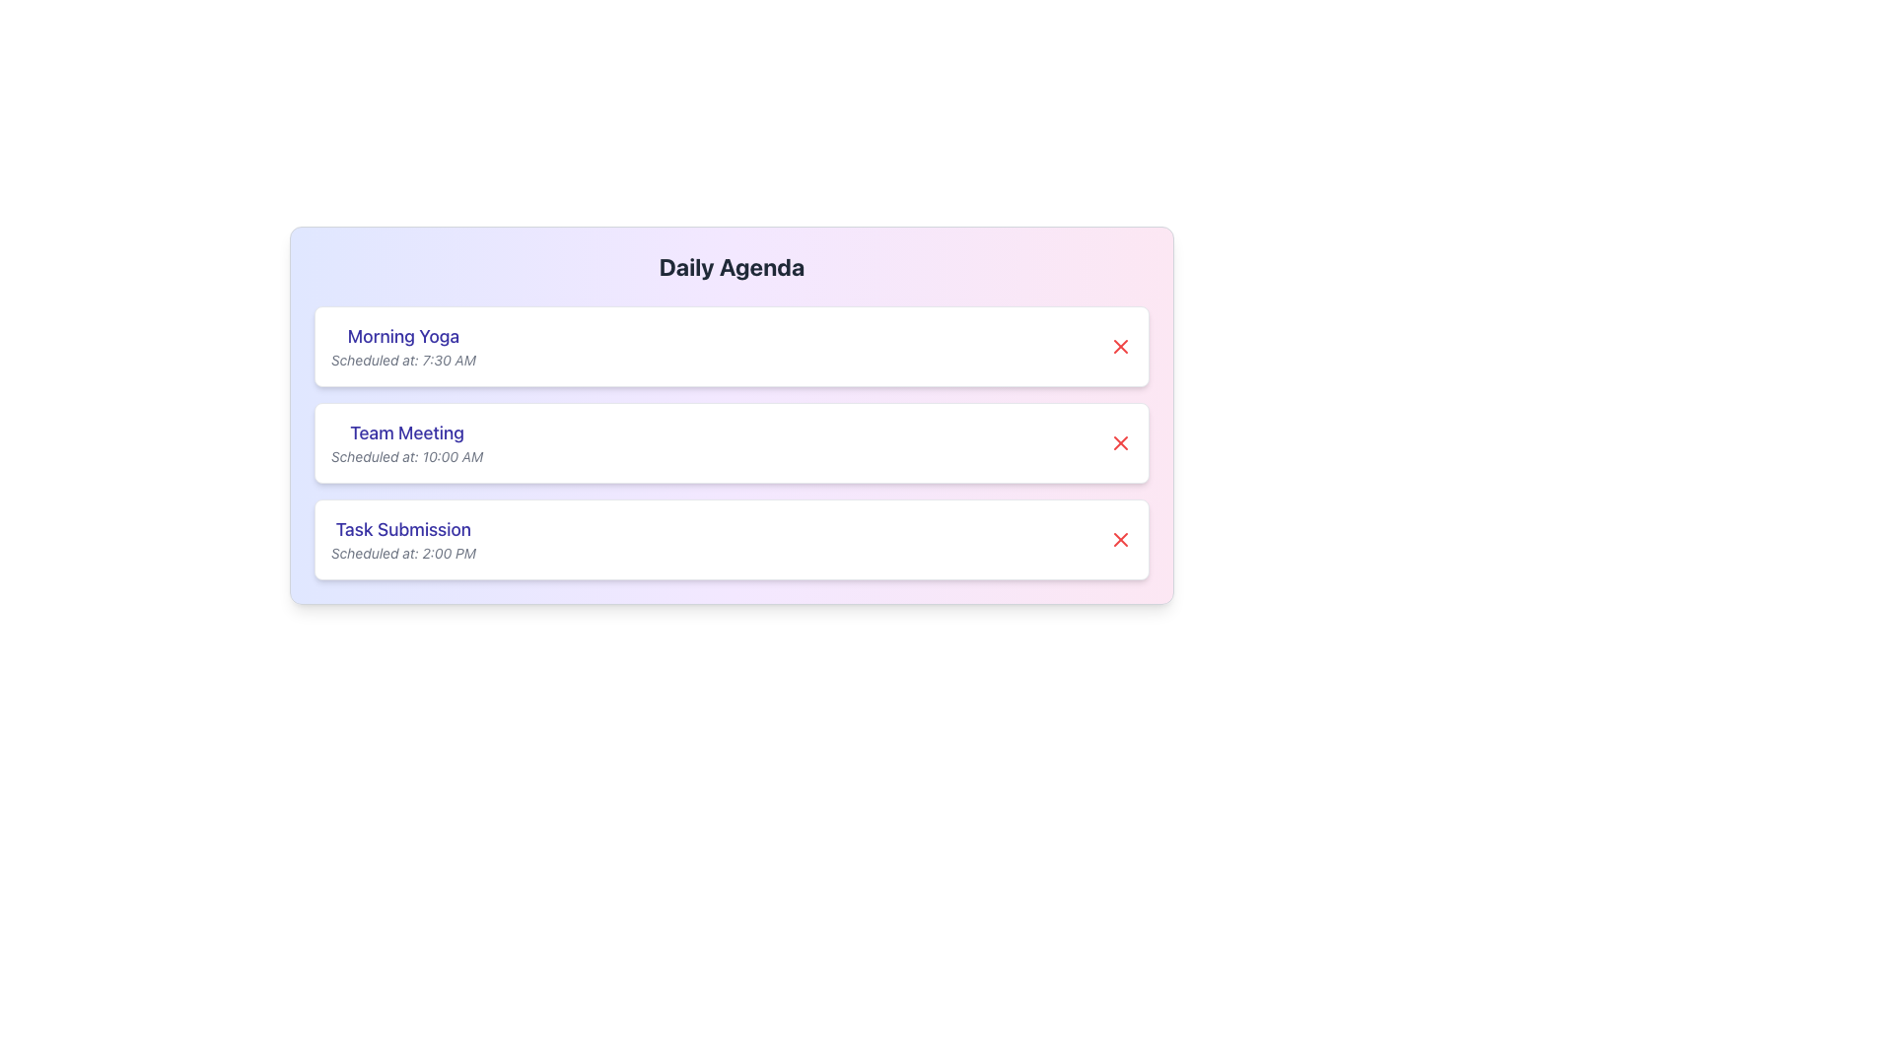 The image size is (1893, 1064). I want to click on the second card in the vertical list of scheduled activities in the 'Daily Agenda' section, so click(731, 443).